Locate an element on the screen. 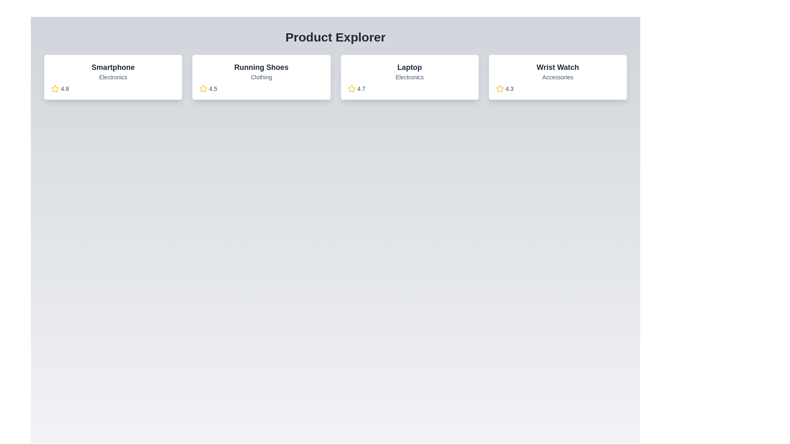  the star-shaped icon with a yellow border in the rating section of the 'Running Shoes' card to interpret its intended meaning is located at coordinates (55, 88).